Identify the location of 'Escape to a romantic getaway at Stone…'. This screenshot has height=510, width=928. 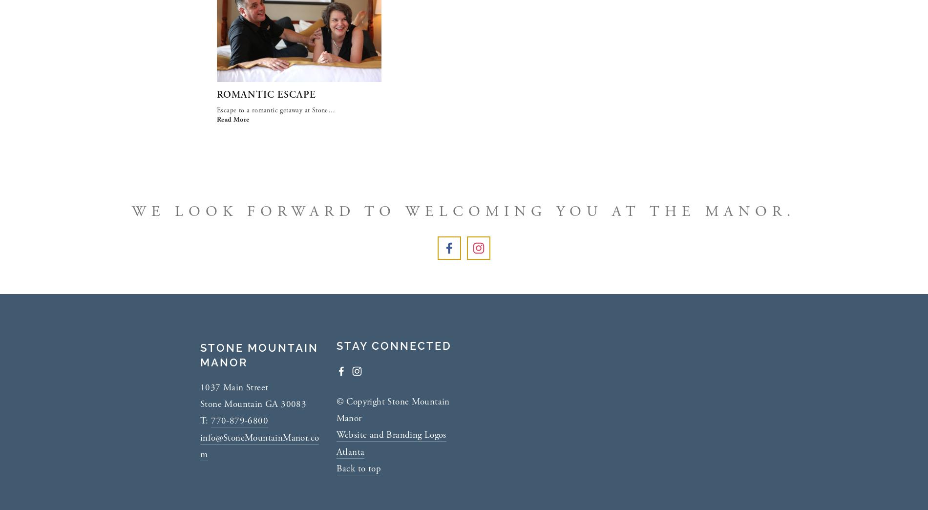
(216, 109).